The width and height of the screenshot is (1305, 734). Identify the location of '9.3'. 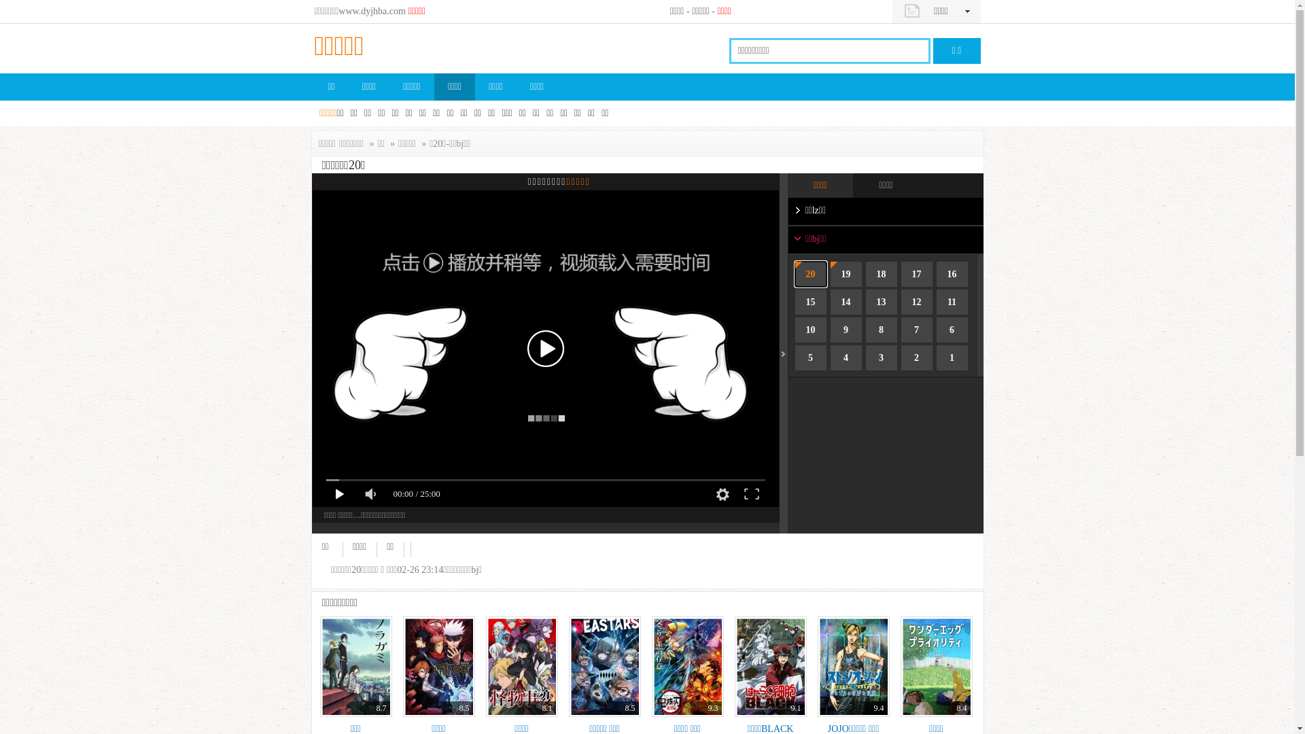
(687, 665).